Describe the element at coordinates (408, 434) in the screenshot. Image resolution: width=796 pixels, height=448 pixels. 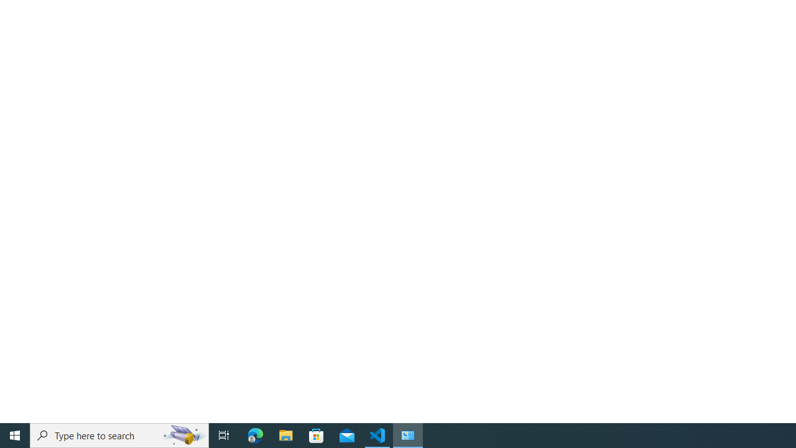
I see `'Control Panel - 1 running window'` at that location.